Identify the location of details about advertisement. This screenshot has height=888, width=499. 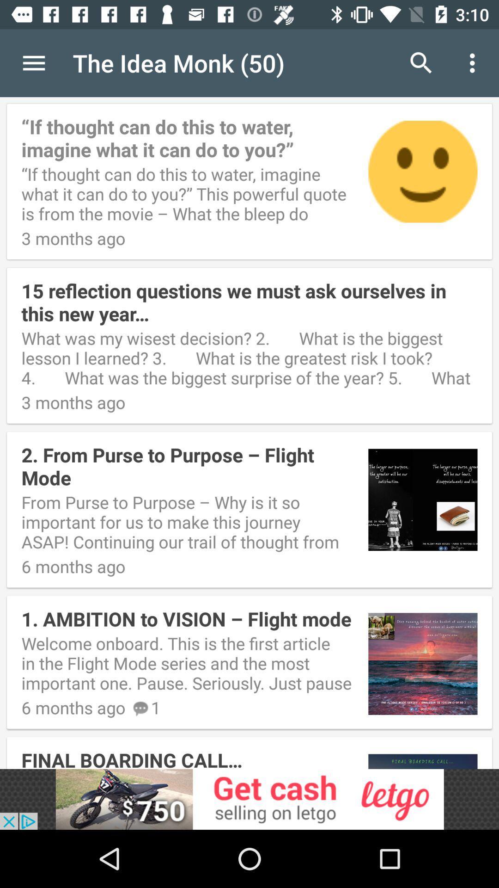
(249, 799).